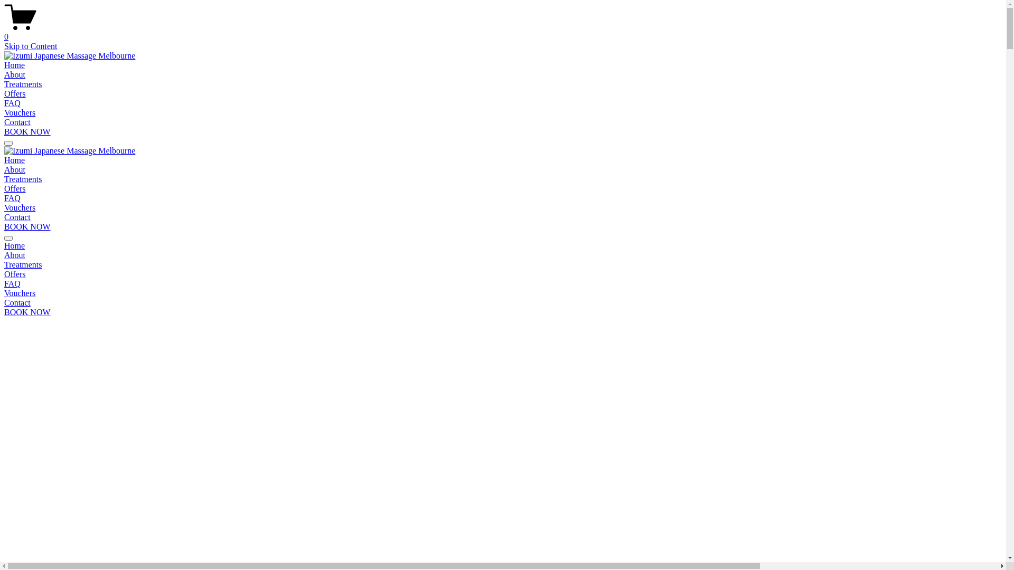 The width and height of the screenshot is (1014, 570). What do you see at coordinates (12, 198) in the screenshot?
I see `'FAQ'` at bounding box center [12, 198].